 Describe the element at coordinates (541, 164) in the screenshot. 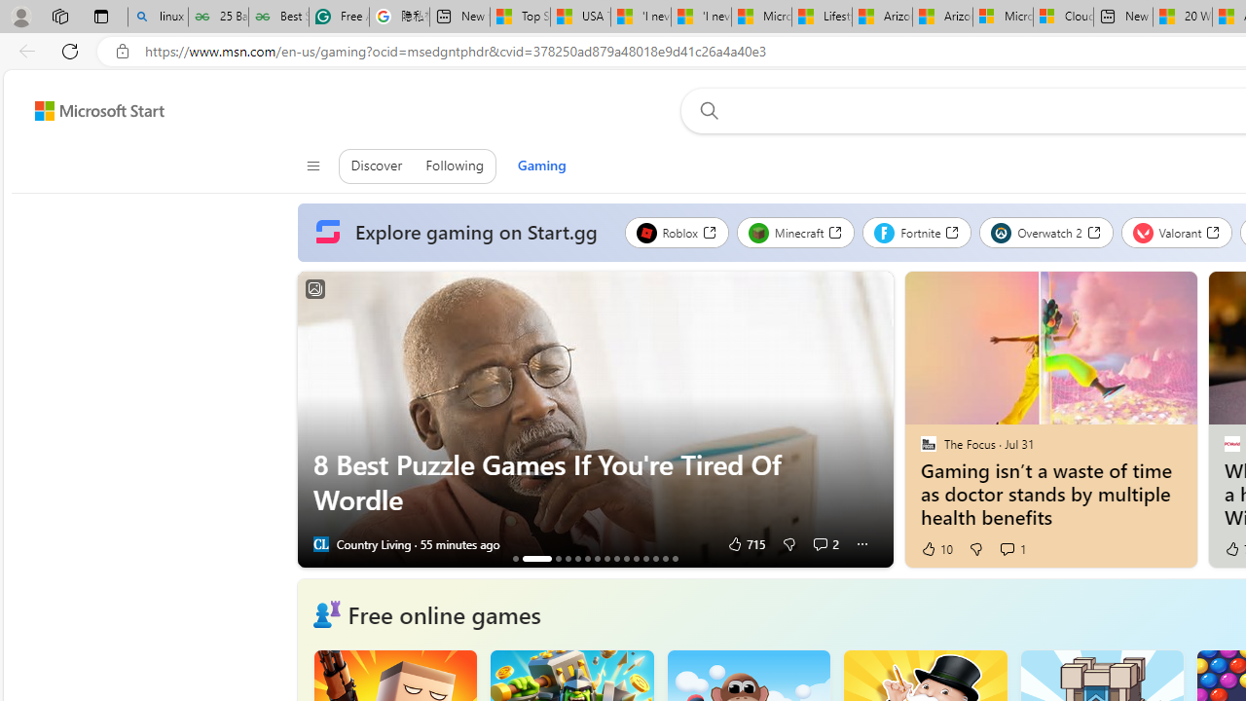

I see `'Gaming'` at that location.